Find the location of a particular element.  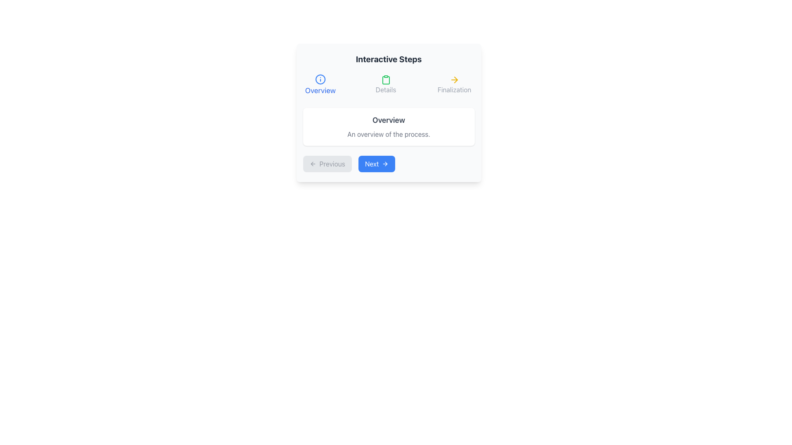

the non-interactive Text block that provides a descriptive overview, located below the 'Interactive Steps' navigation section and above the 'Previous' and 'Next' buttons is located at coordinates (388, 127).